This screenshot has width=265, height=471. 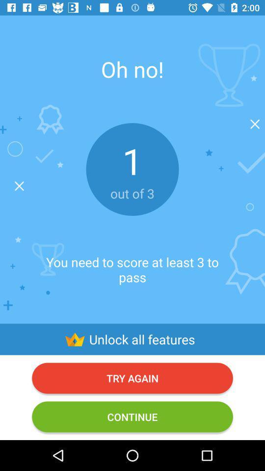 I want to click on continue item, so click(x=132, y=416).